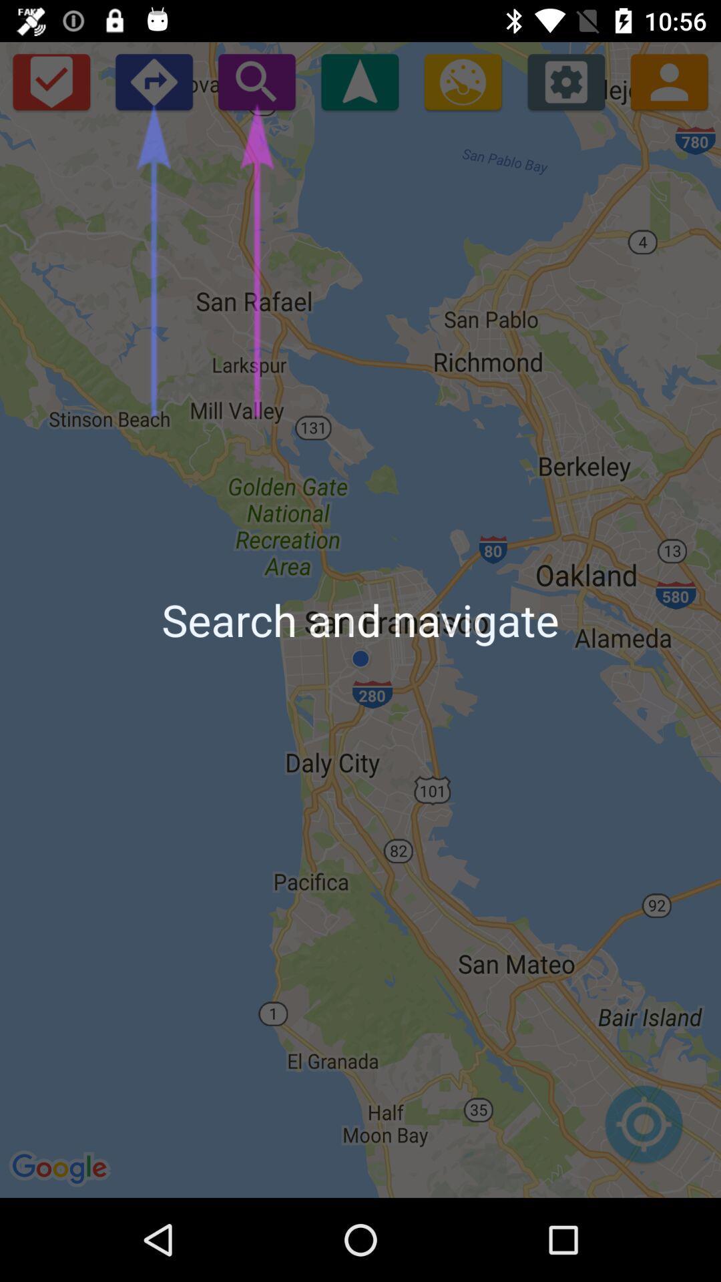 This screenshot has height=1282, width=721. What do you see at coordinates (462, 81) in the screenshot?
I see `item above the search and navigate app` at bounding box center [462, 81].